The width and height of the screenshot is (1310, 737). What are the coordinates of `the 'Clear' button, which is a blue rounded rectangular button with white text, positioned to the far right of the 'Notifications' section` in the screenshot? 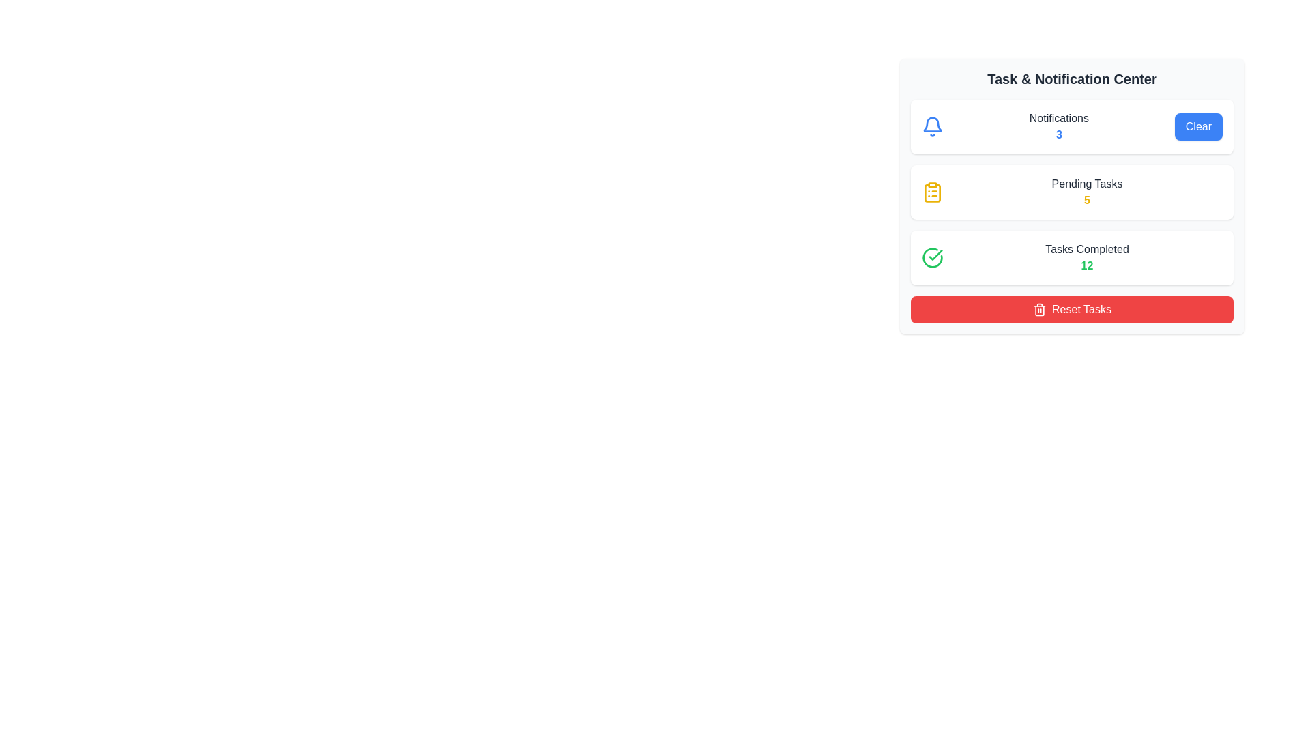 It's located at (1197, 126).